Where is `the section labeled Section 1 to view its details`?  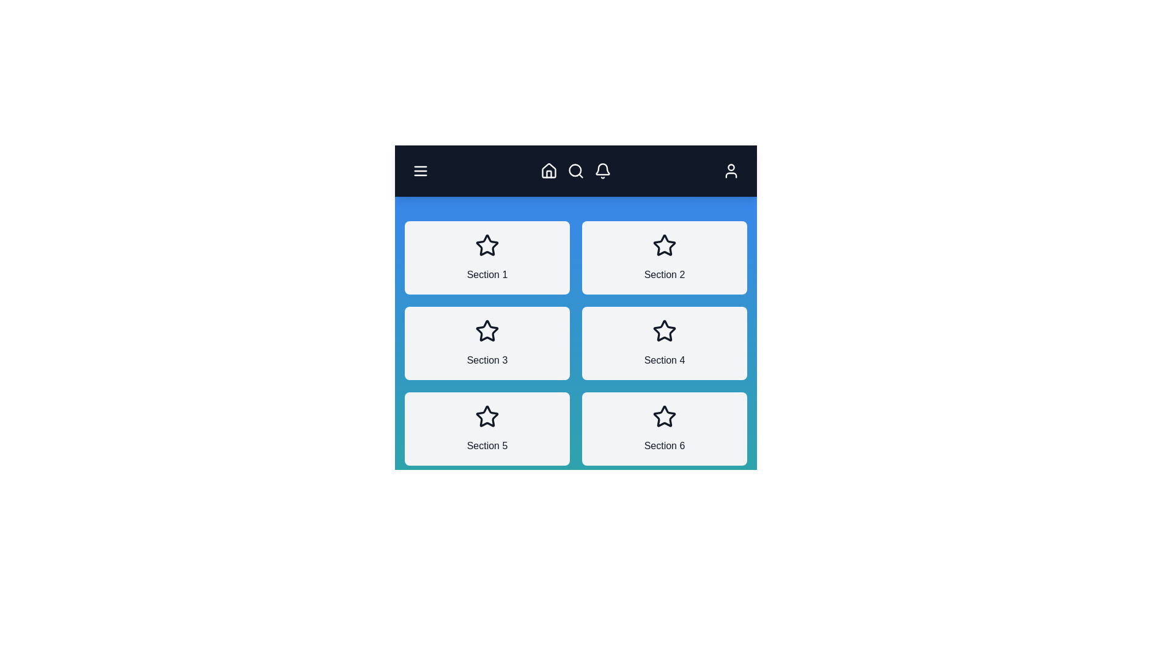
the section labeled Section 1 to view its details is located at coordinates (486, 257).